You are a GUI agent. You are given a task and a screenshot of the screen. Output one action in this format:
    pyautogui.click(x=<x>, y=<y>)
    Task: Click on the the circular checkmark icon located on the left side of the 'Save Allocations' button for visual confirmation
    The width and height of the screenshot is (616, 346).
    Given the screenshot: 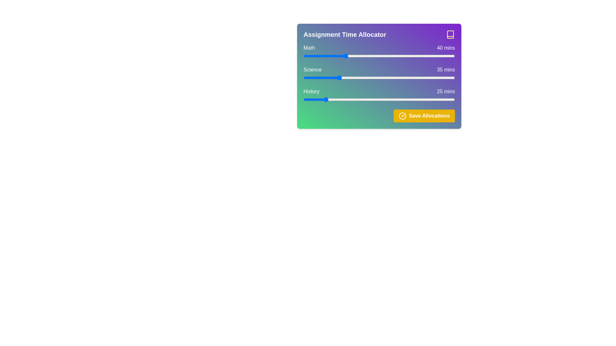 What is the action you would take?
    pyautogui.click(x=402, y=116)
    